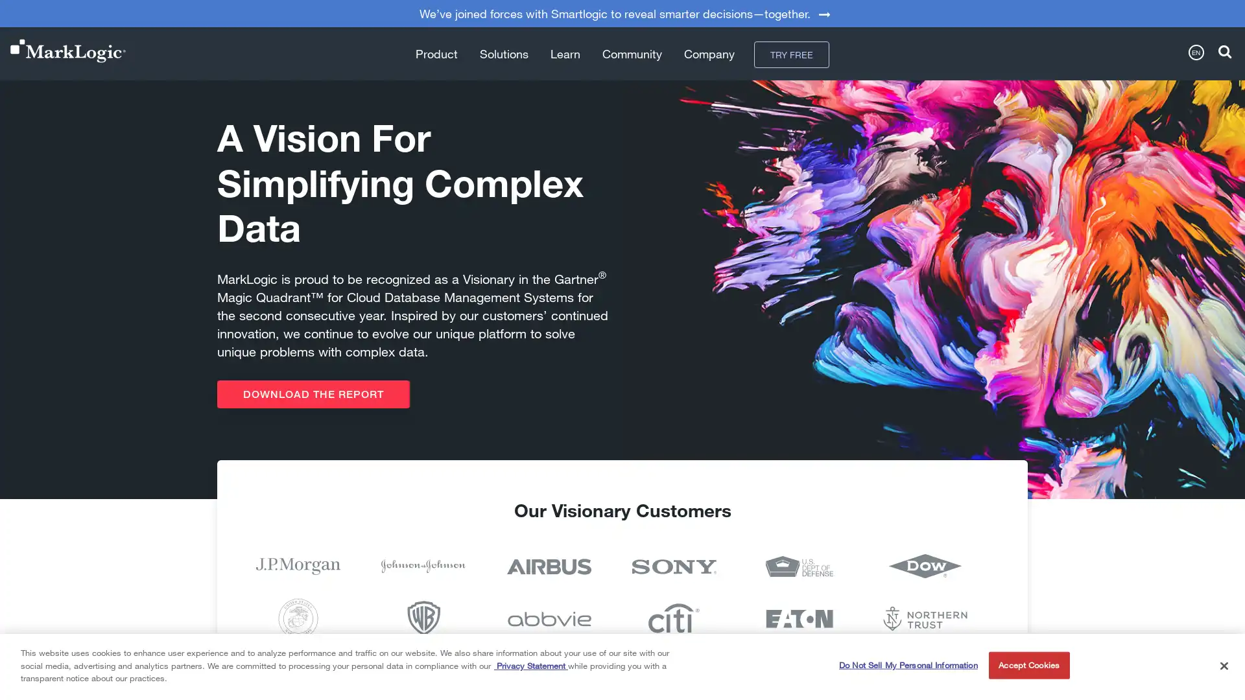 The image size is (1245, 700). What do you see at coordinates (907, 665) in the screenshot?
I see `Do Not Sell My Personal Information` at bounding box center [907, 665].